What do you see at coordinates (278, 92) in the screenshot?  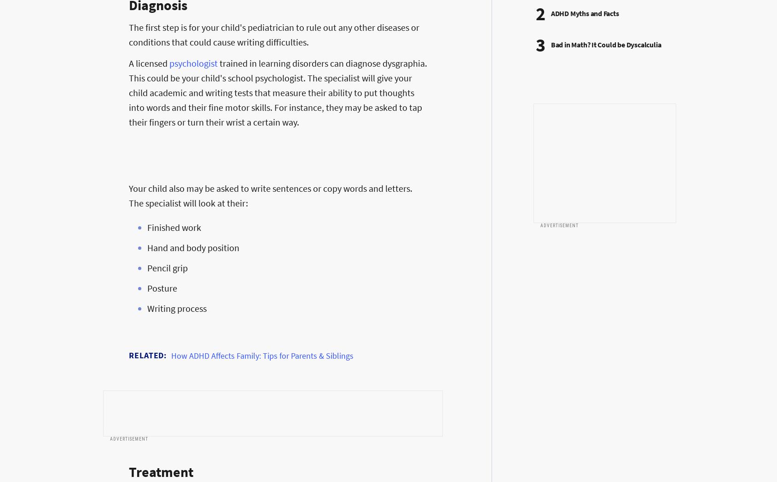 I see `'trained in learning disorders can diagnose dysgraphia. This could be your child's school psychologist. The specialist will give your child academic and writing tests that measure their ability to put thoughts into words and their fine motor skills. For instance, they may be asked to tap their fingers or turn their wrist a certain way.'` at bounding box center [278, 92].